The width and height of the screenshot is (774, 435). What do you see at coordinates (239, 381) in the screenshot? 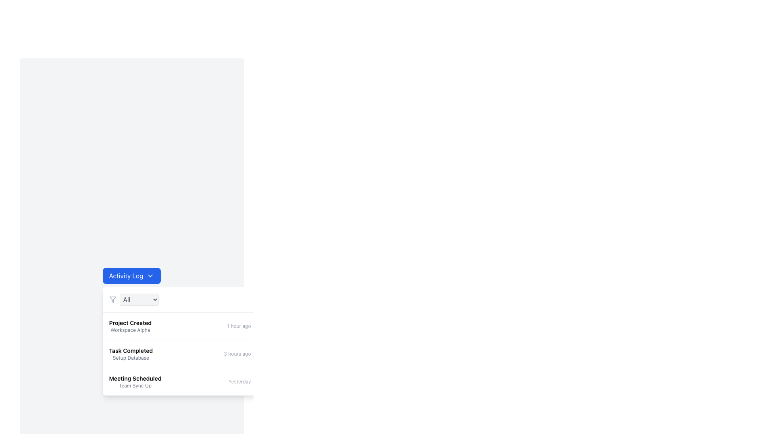
I see `text content of the Text Label indicating the timestamp for the 'Meeting Scheduled' and 'Team Sync Up' activities in the third entry of the activity log` at bounding box center [239, 381].